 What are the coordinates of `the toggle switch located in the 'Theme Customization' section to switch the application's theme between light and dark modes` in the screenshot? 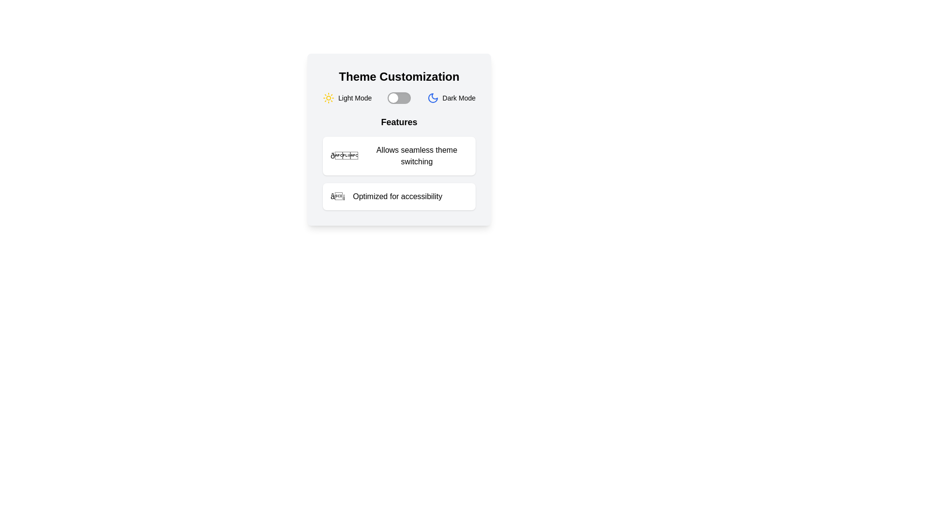 It's located at (399, 98).